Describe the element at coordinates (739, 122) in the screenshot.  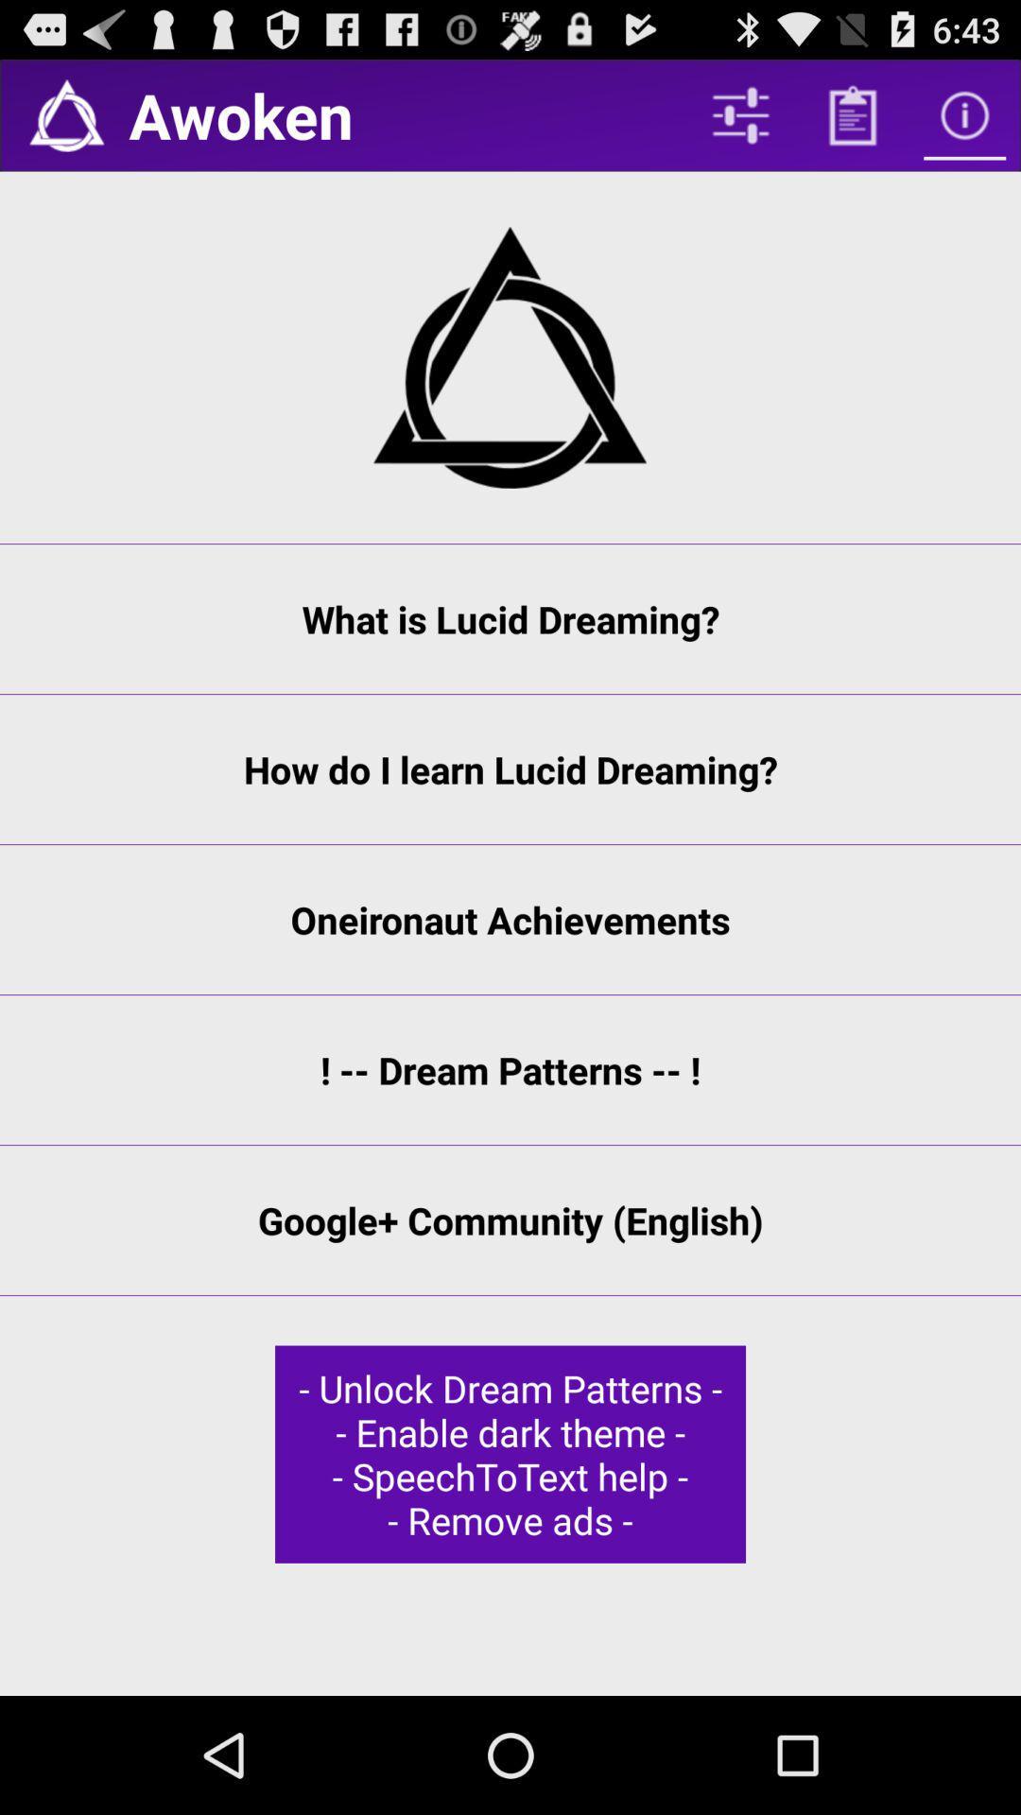
I see `the sliders icon` at that location.